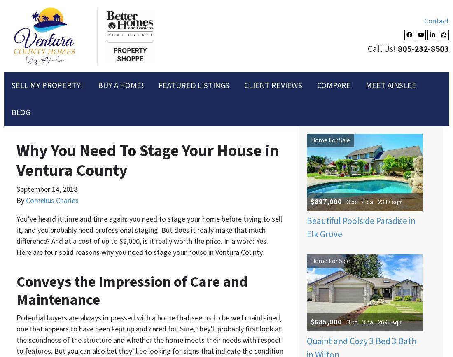  Describe the element at coordinates (31, 112) in the screenshot. I see `'First'` at that location.